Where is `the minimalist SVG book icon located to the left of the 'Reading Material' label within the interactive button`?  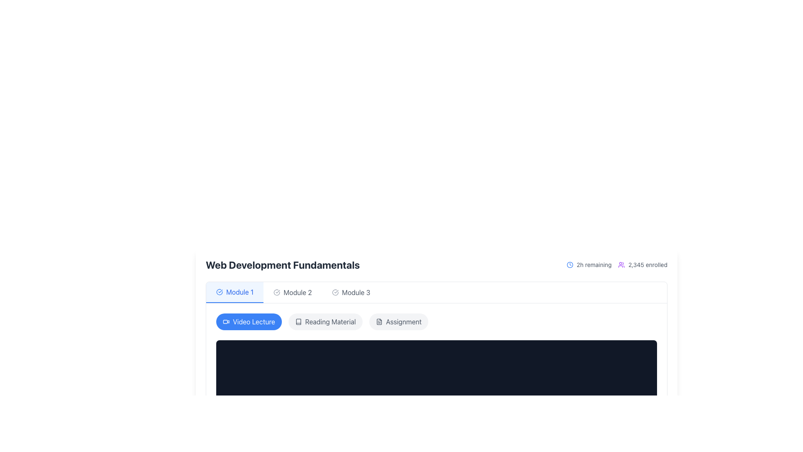
the minimalist SVG book icon located to the left of the 'Reading Material' label within the interactive button is located at coordinates (298, 321).